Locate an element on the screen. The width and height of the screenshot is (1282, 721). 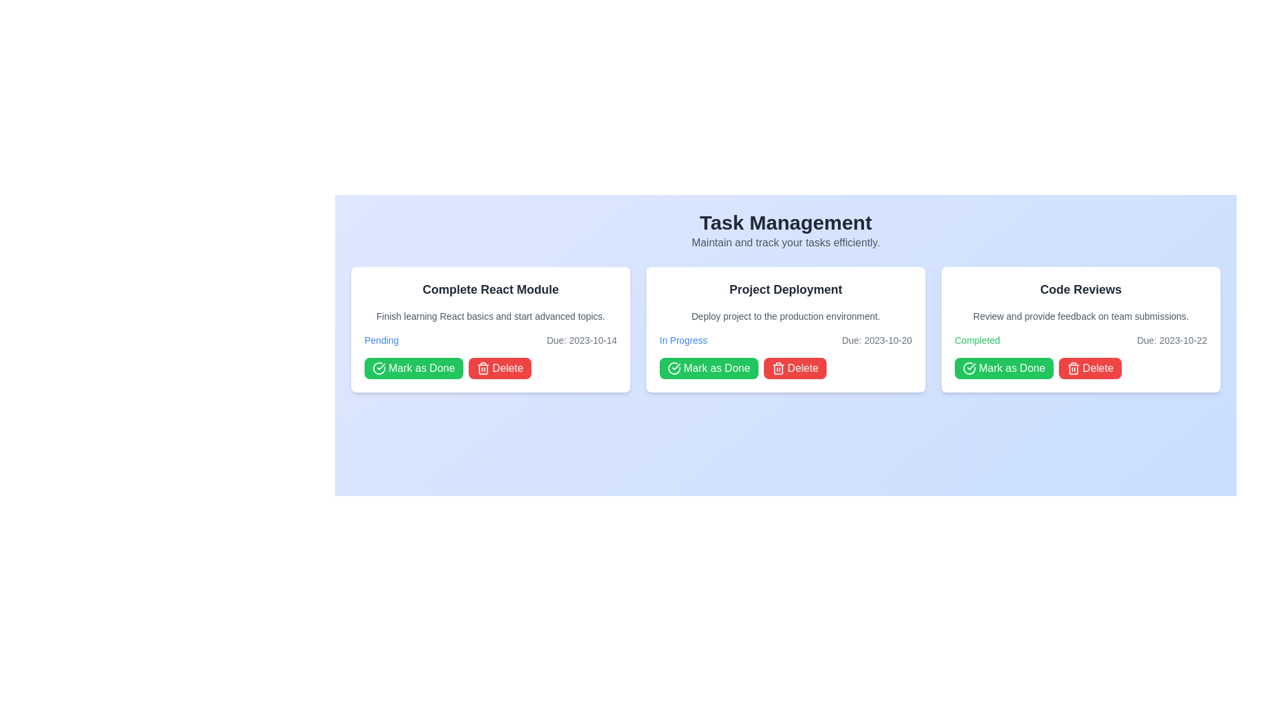
the 'Mark as Done' button with a green background and white text, located in the last card titled 'Code Reviews', to mark the task as done is located at coordinates (1004, 368).